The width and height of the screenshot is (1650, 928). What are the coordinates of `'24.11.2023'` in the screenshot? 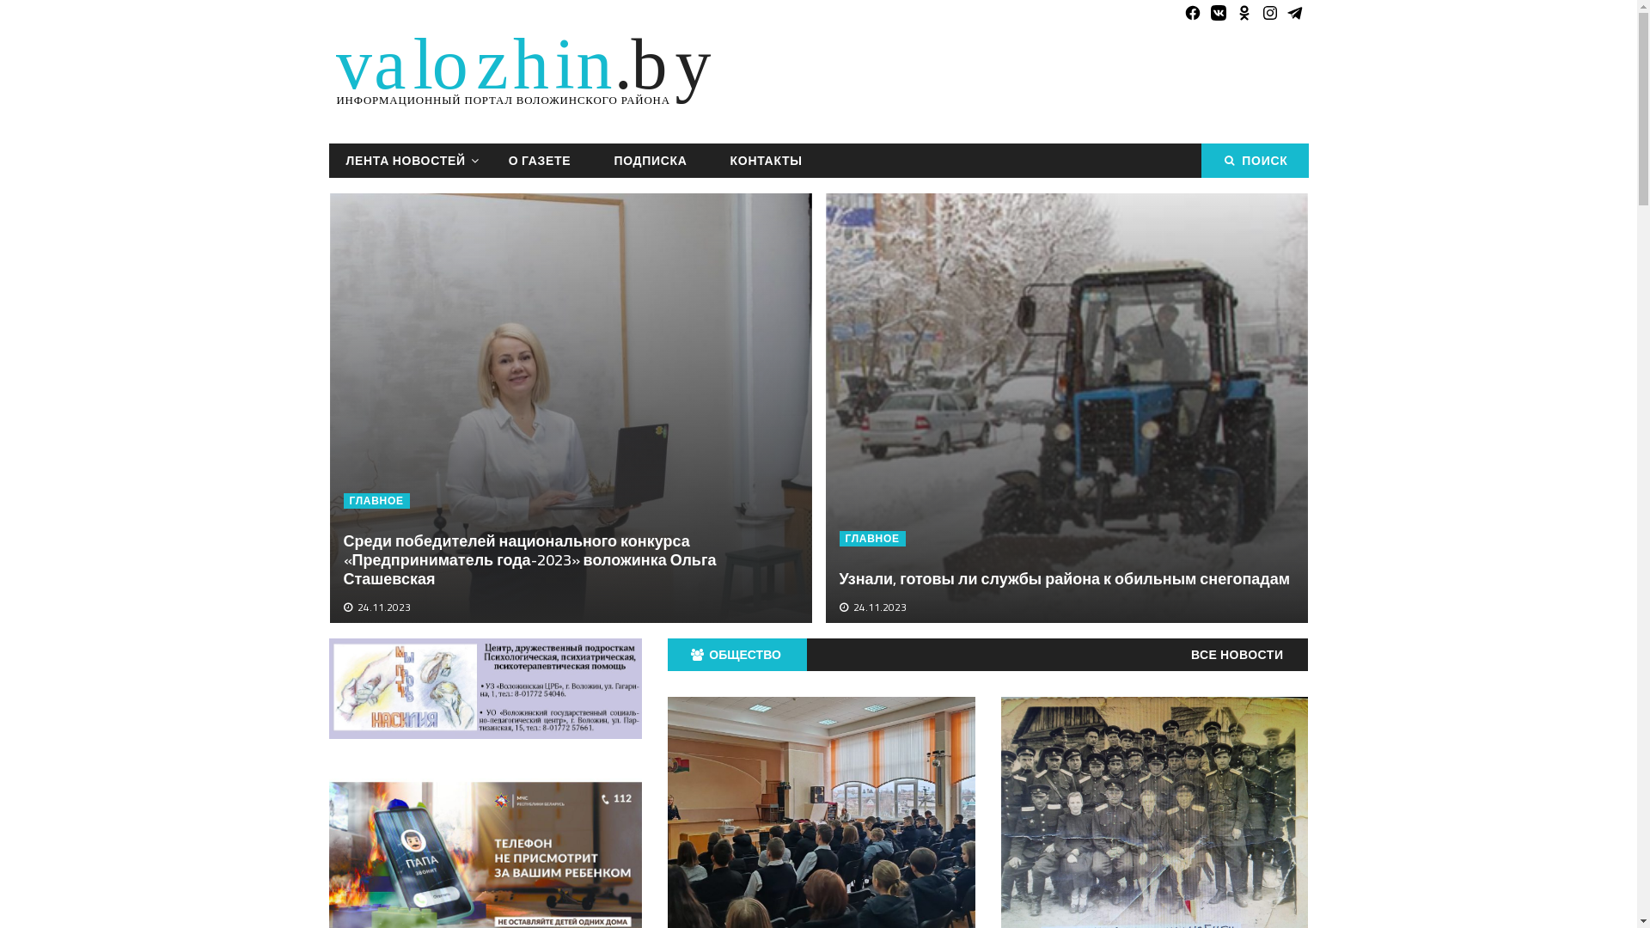 It's located at (382, 606).